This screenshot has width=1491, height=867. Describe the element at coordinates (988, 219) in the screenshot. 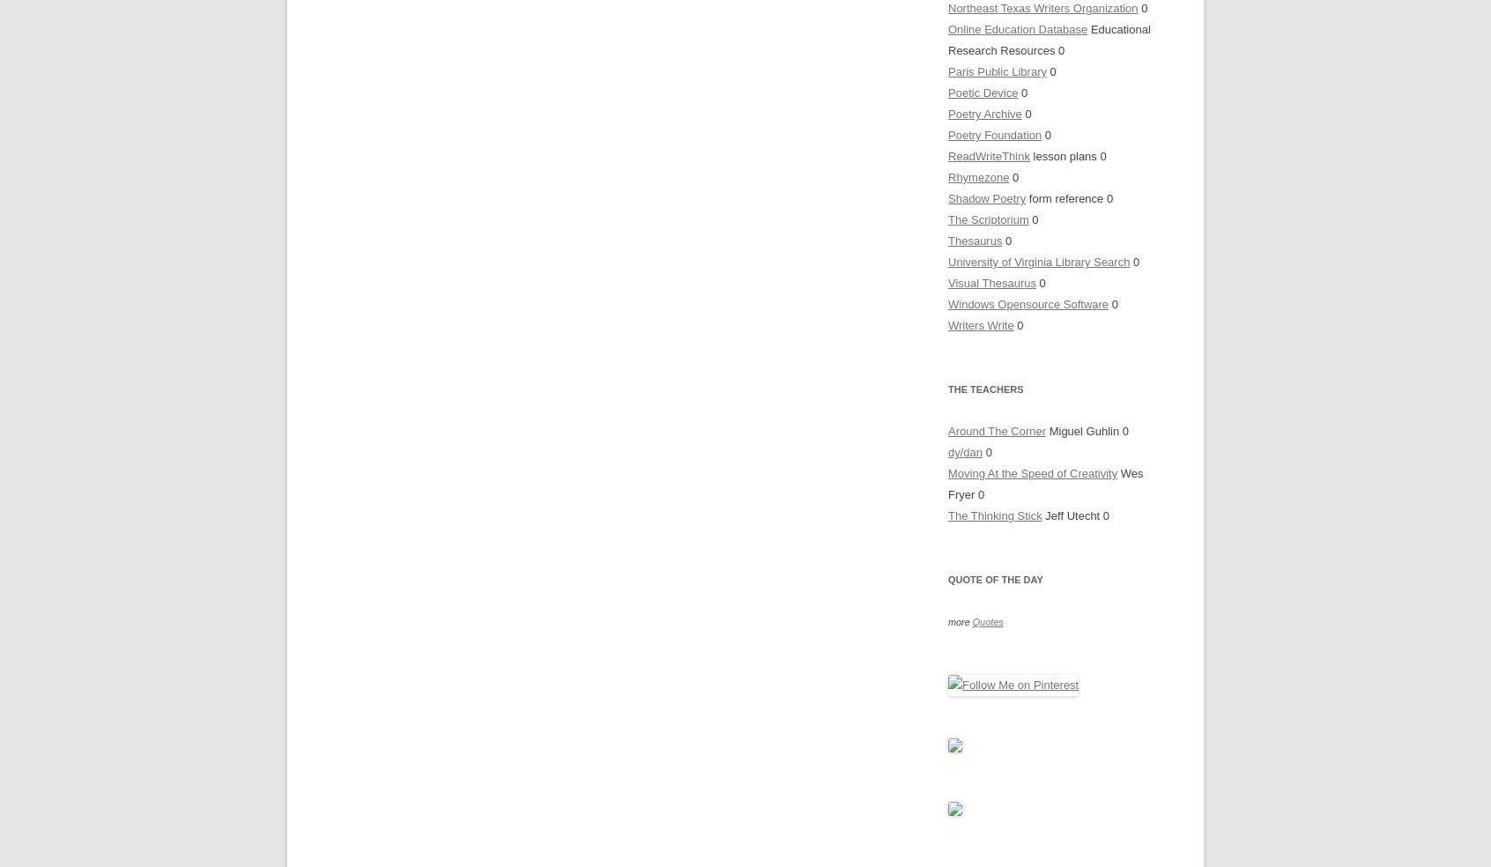

I see `'The Scriptorium'` at that location.